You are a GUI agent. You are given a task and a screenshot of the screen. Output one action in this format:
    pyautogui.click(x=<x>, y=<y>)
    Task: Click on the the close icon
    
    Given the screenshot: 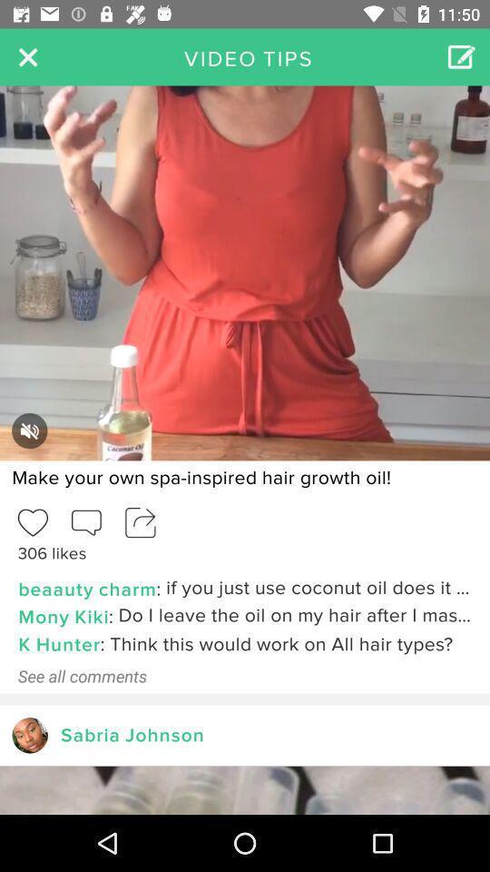 What is the action you would take?
    pyautogui.click(x=27, y=56)
    